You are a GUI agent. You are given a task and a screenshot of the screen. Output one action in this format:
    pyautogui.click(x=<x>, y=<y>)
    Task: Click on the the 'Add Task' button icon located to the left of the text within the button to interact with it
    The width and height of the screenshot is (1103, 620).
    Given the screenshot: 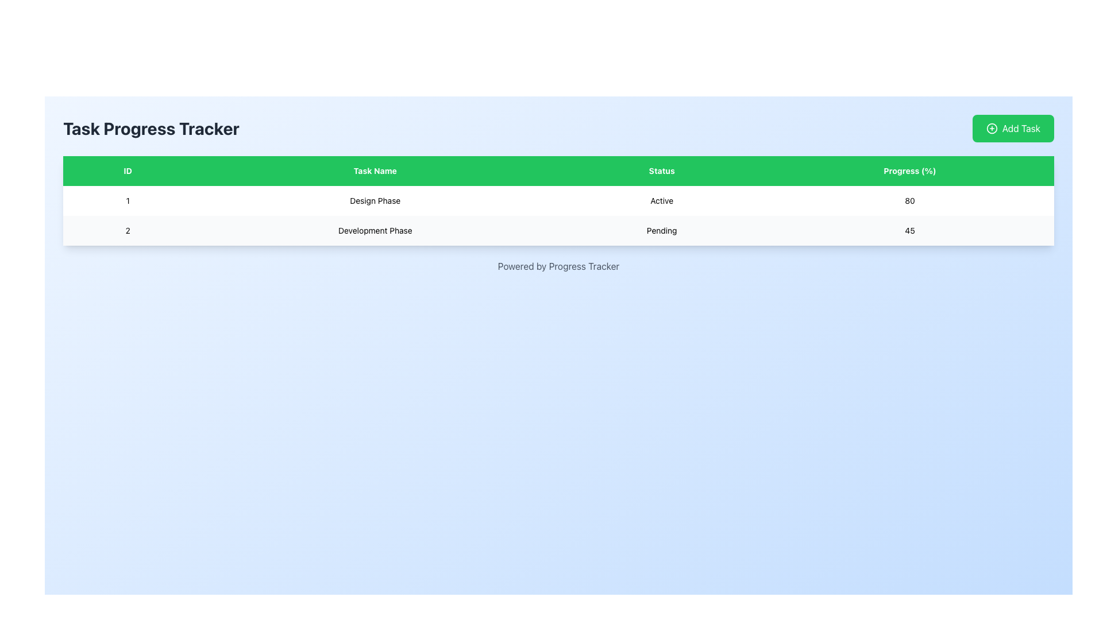 What is the action you would take?
    pyautogui.click(x=991, y=128)
    